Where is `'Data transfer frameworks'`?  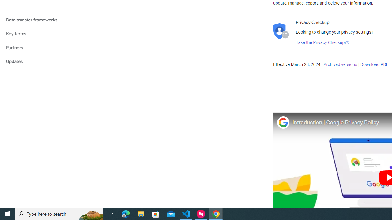
'Data transfer frameworks' is located at coordinates (46, 20).